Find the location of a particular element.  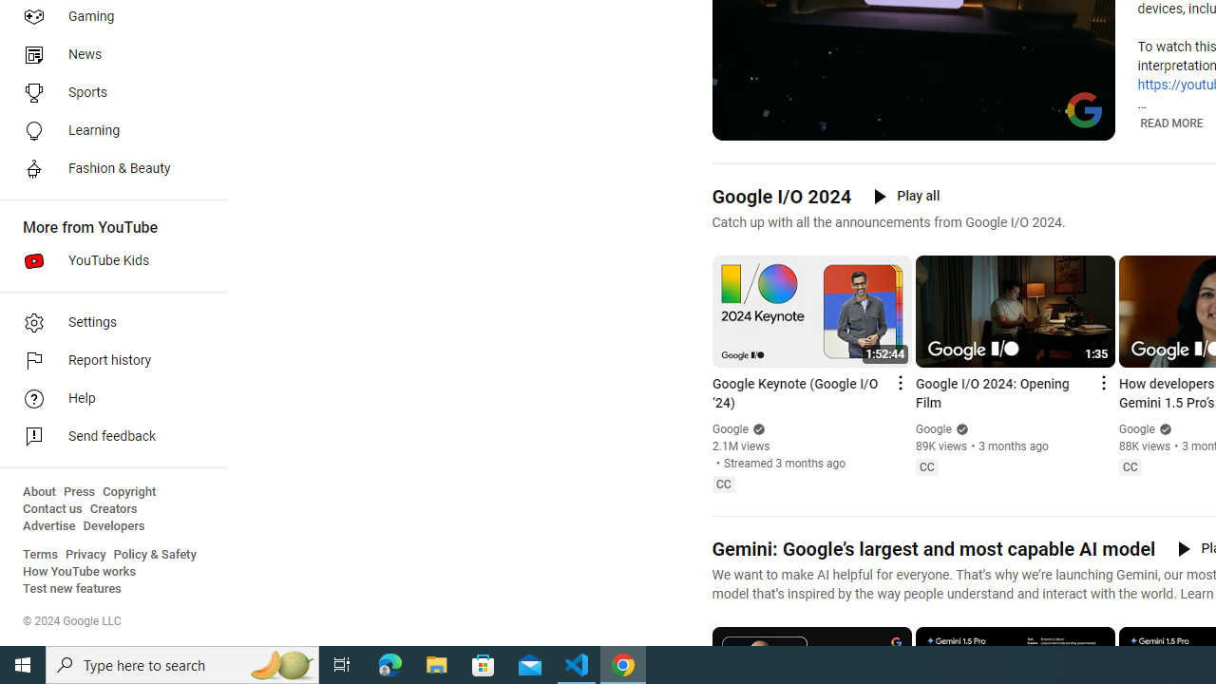

'Test new features' is located at coordinates (72, 588).